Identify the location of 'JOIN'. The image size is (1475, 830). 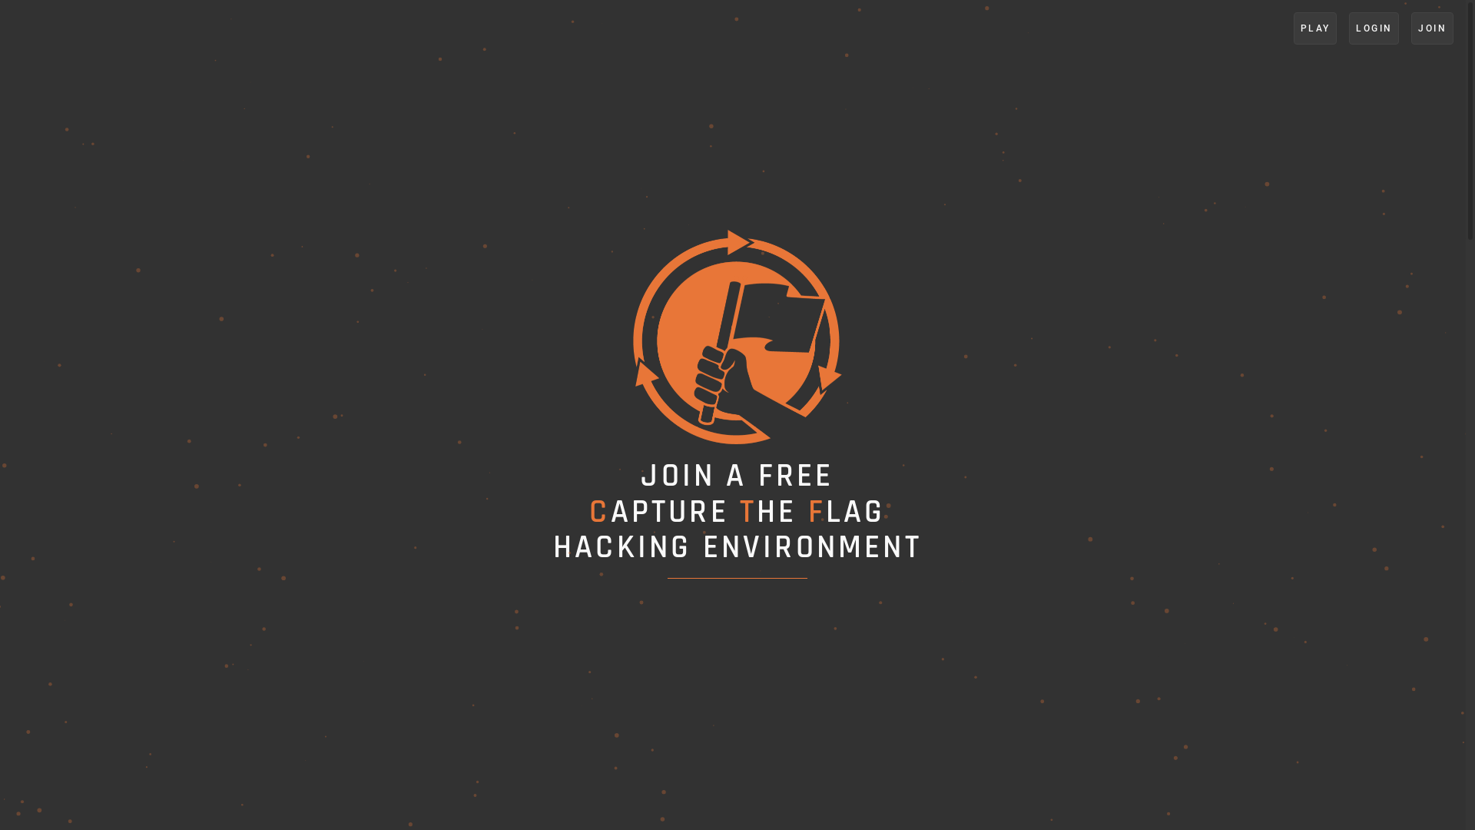
(1431, 28).